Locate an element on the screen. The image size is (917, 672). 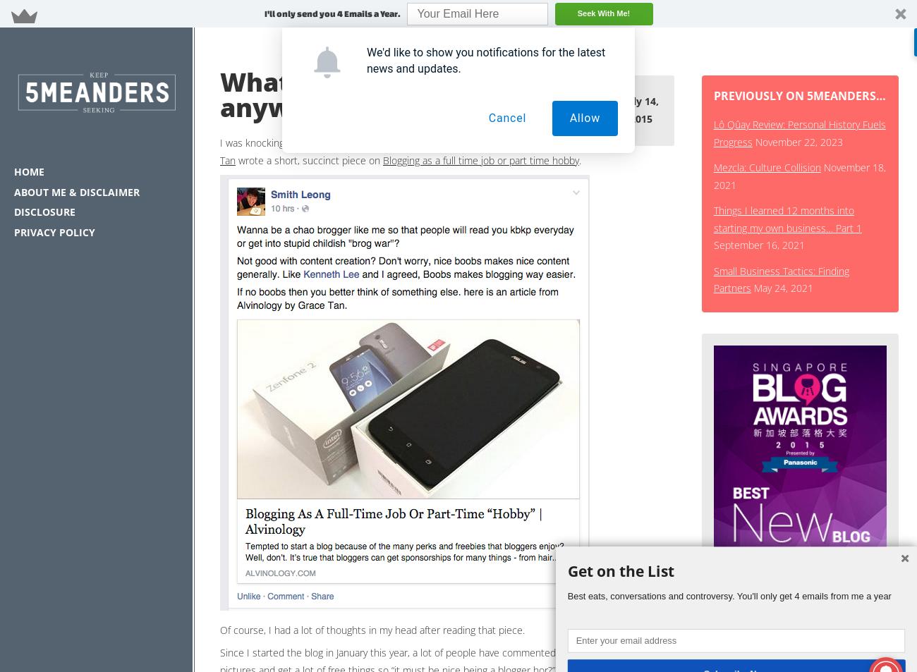
'Blogging as a full time job or part time hobby' is located at coordinates (480, 159).